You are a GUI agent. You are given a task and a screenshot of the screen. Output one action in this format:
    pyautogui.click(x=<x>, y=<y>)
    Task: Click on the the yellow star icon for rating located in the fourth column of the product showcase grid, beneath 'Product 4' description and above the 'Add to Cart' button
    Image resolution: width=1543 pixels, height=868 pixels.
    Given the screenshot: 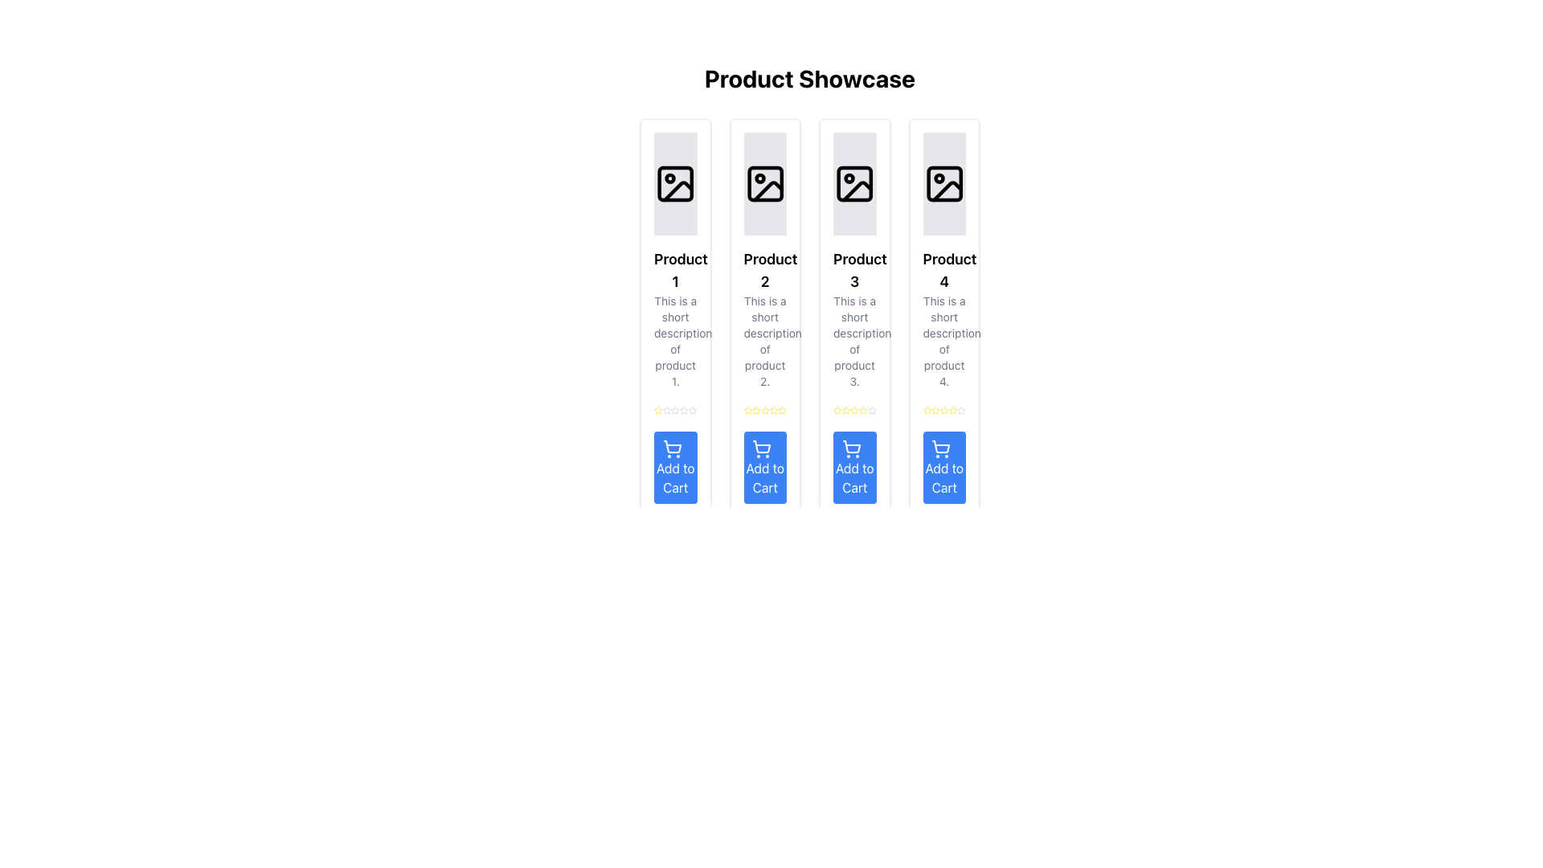 What is the action you would take?
    pyautogui.click(x=935, y=409)
    